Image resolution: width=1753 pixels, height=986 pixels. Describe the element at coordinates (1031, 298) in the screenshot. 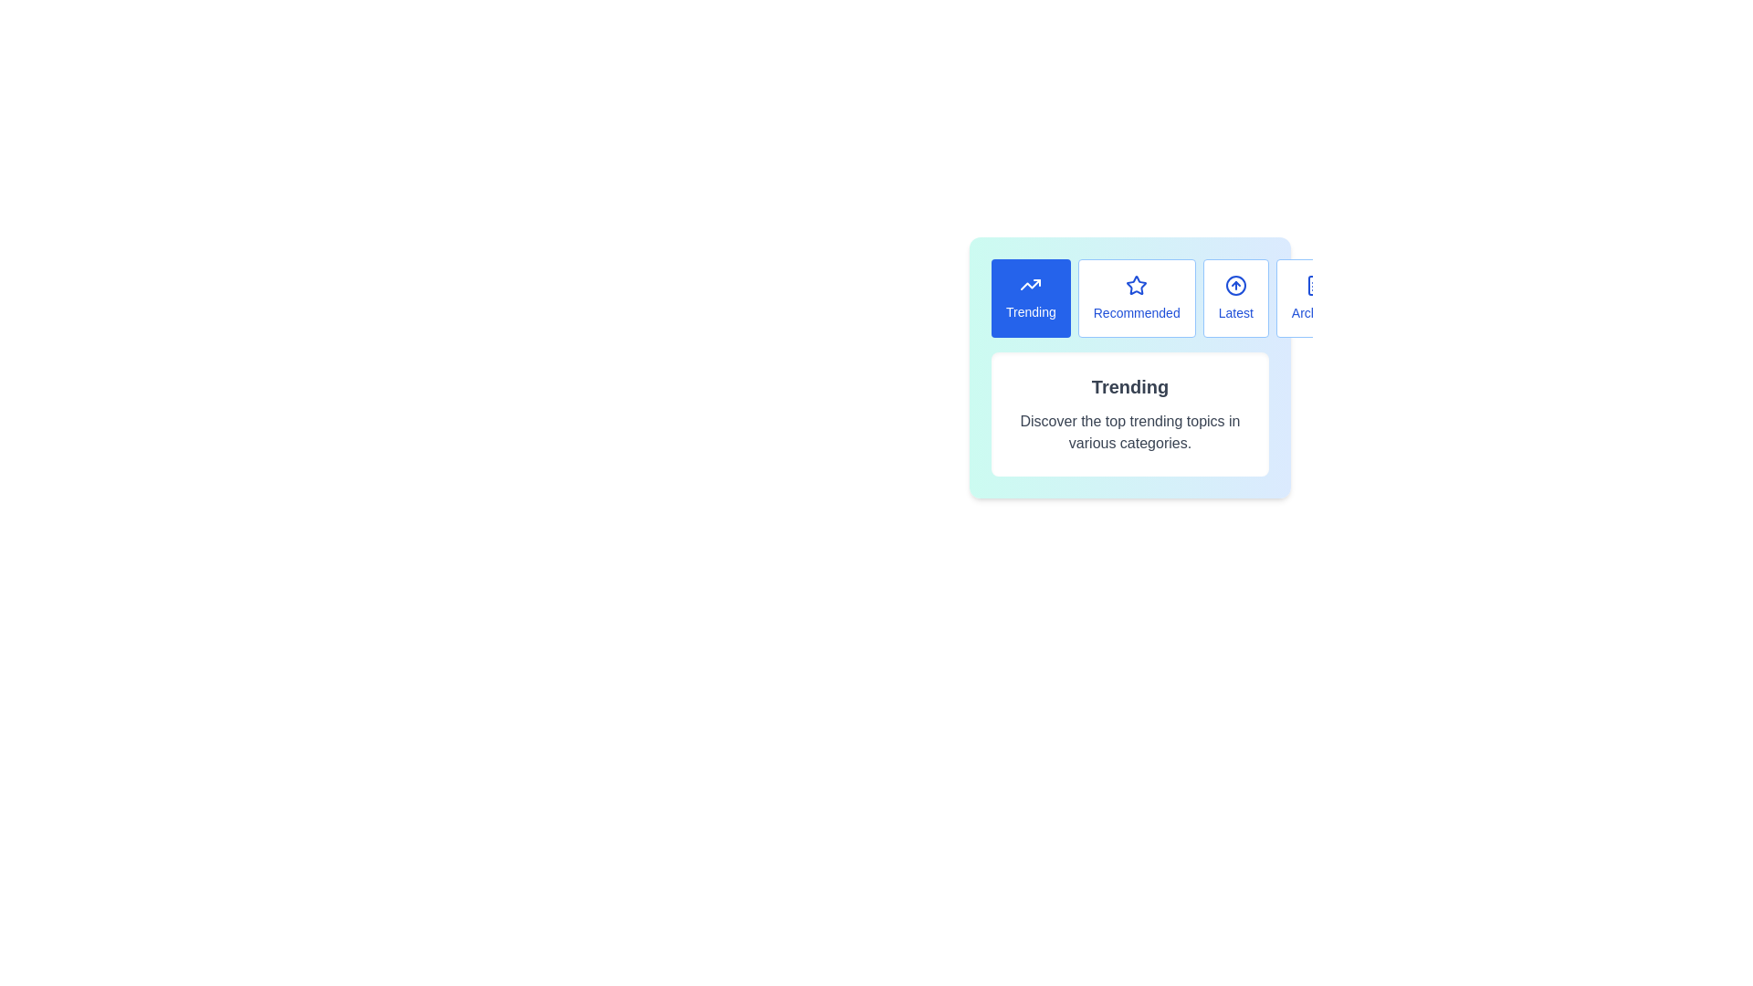

I see `the button labeled Trending` at that location.